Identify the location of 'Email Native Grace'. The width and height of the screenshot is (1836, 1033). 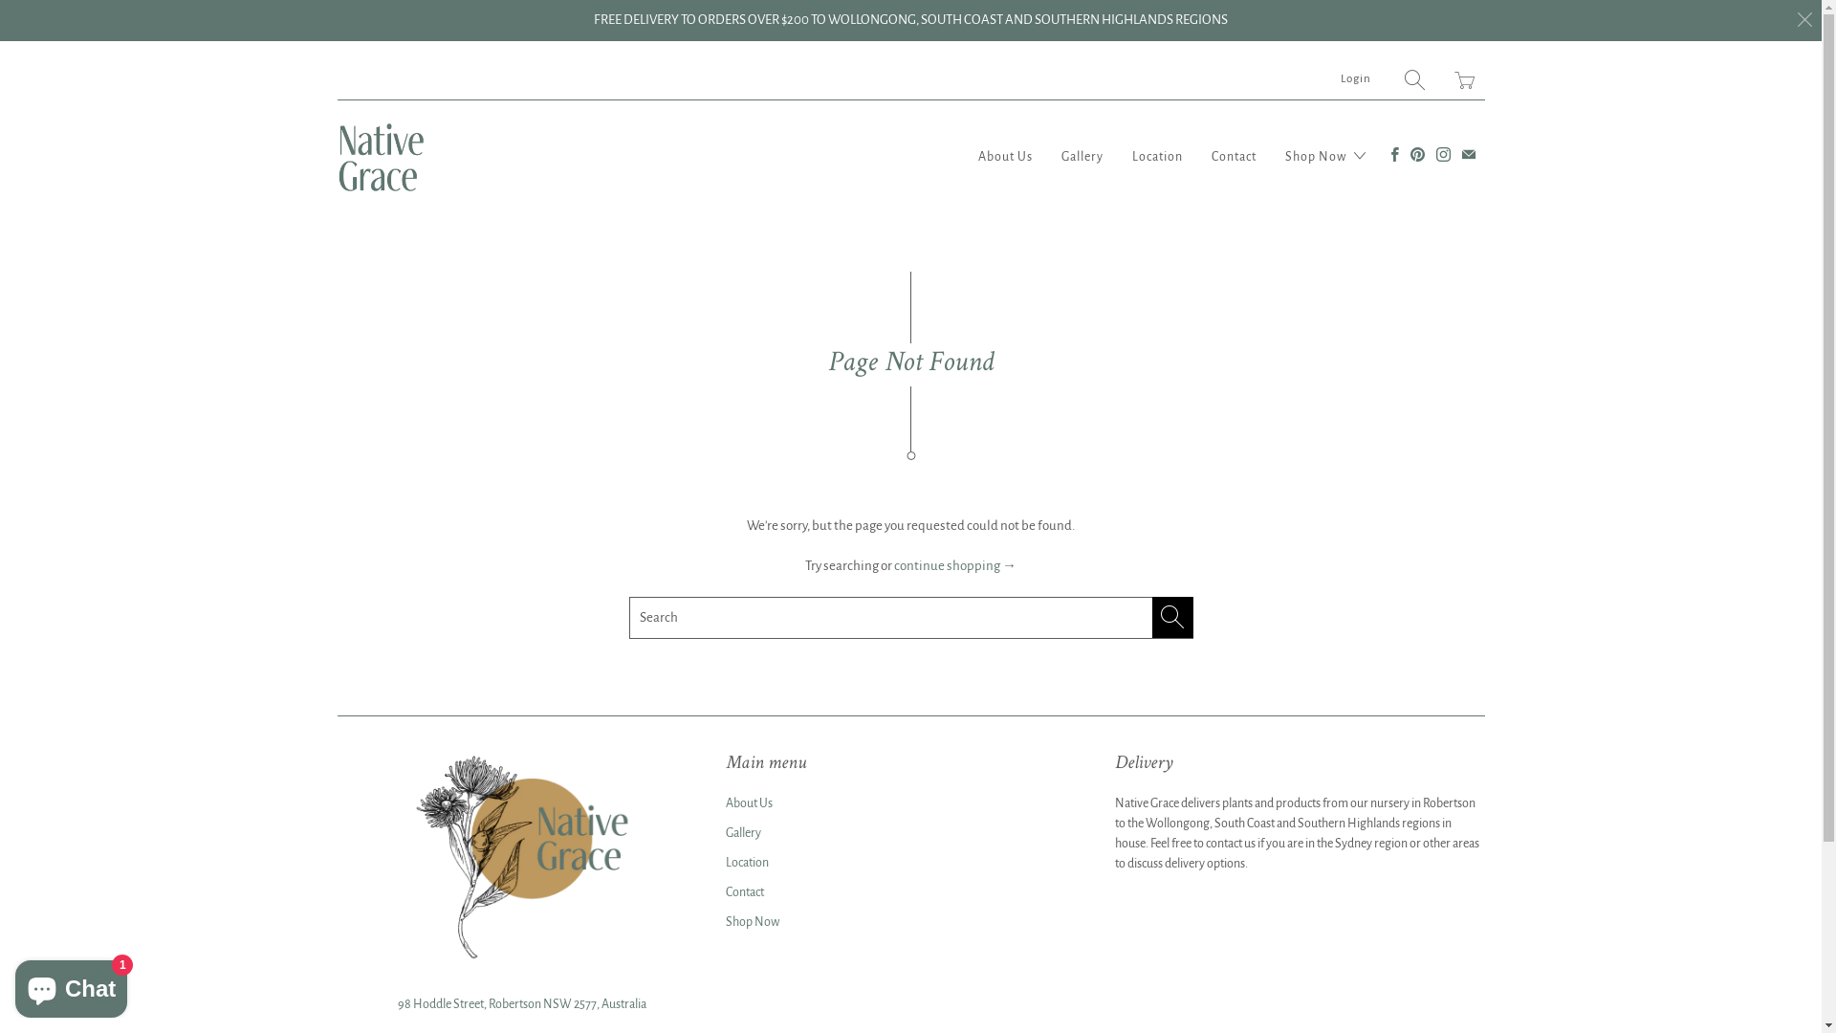
(1467, 153).